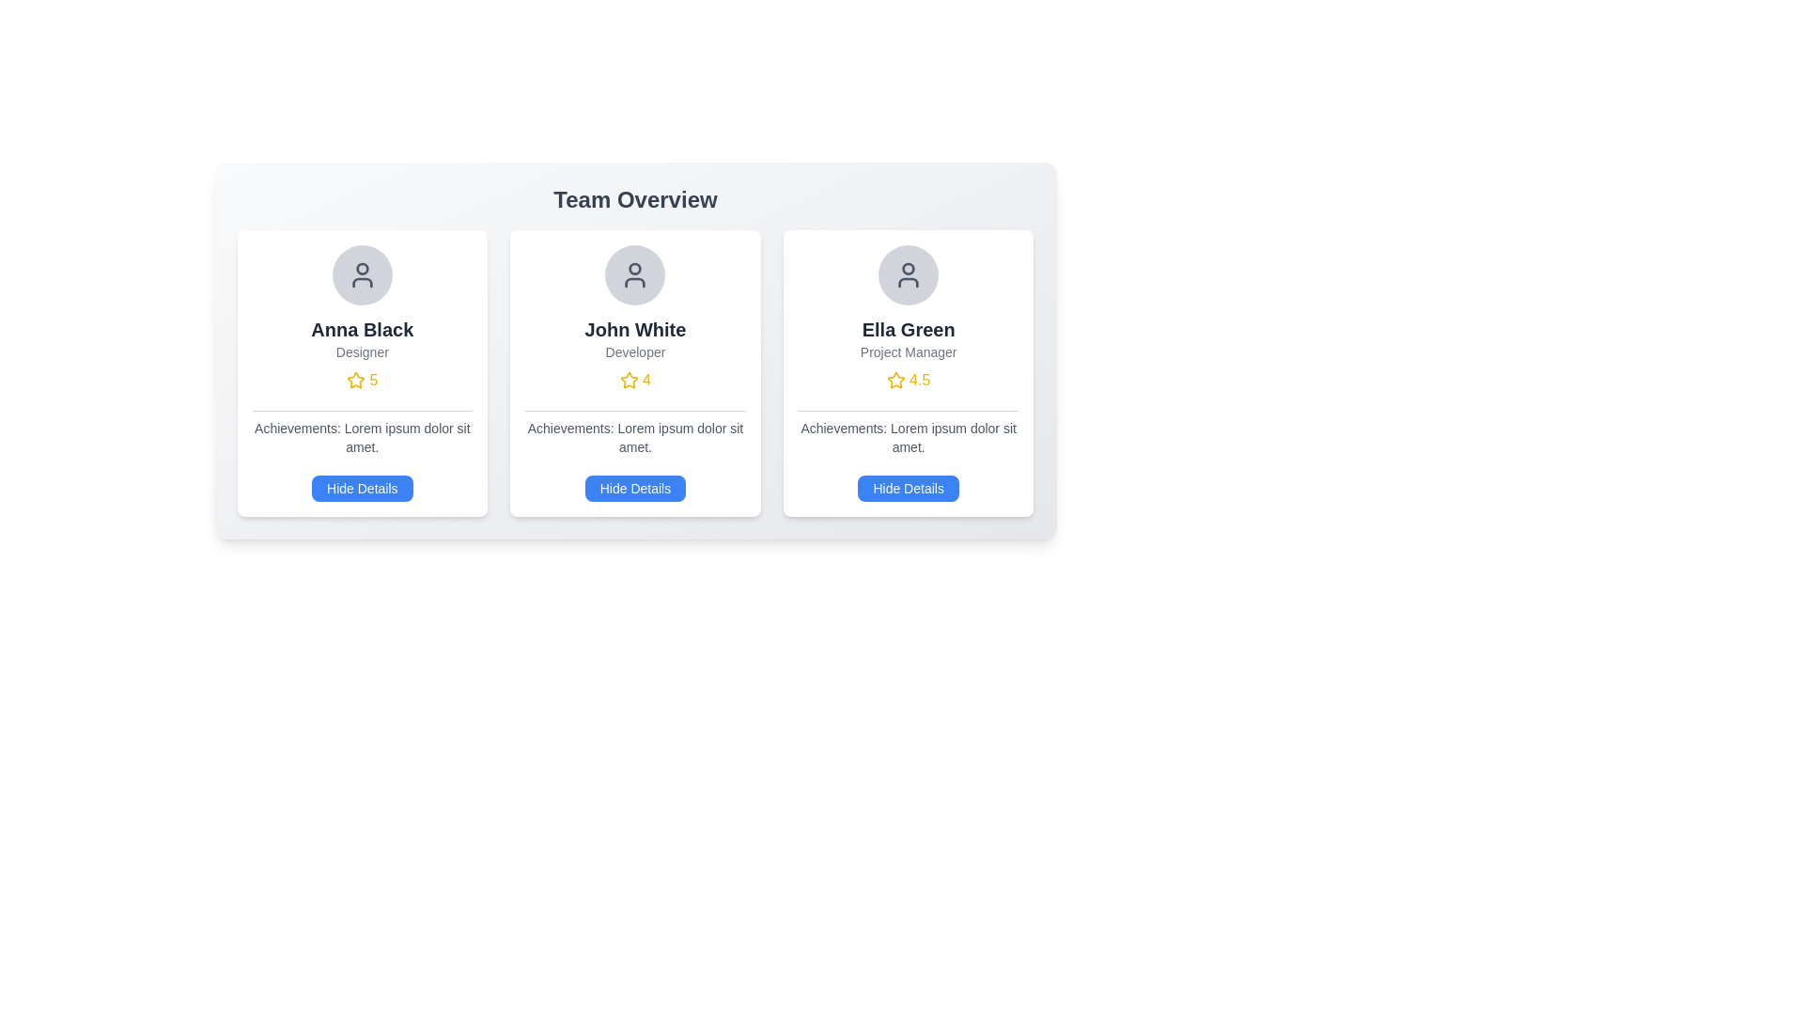 The width and height of the screenshot is (1804, 1015). I want to click on the text block displaying 'Achievements: Lorem ipsum dolor sit amet.' located in the middle column under the 'John White' profile card, so click(635, 438).